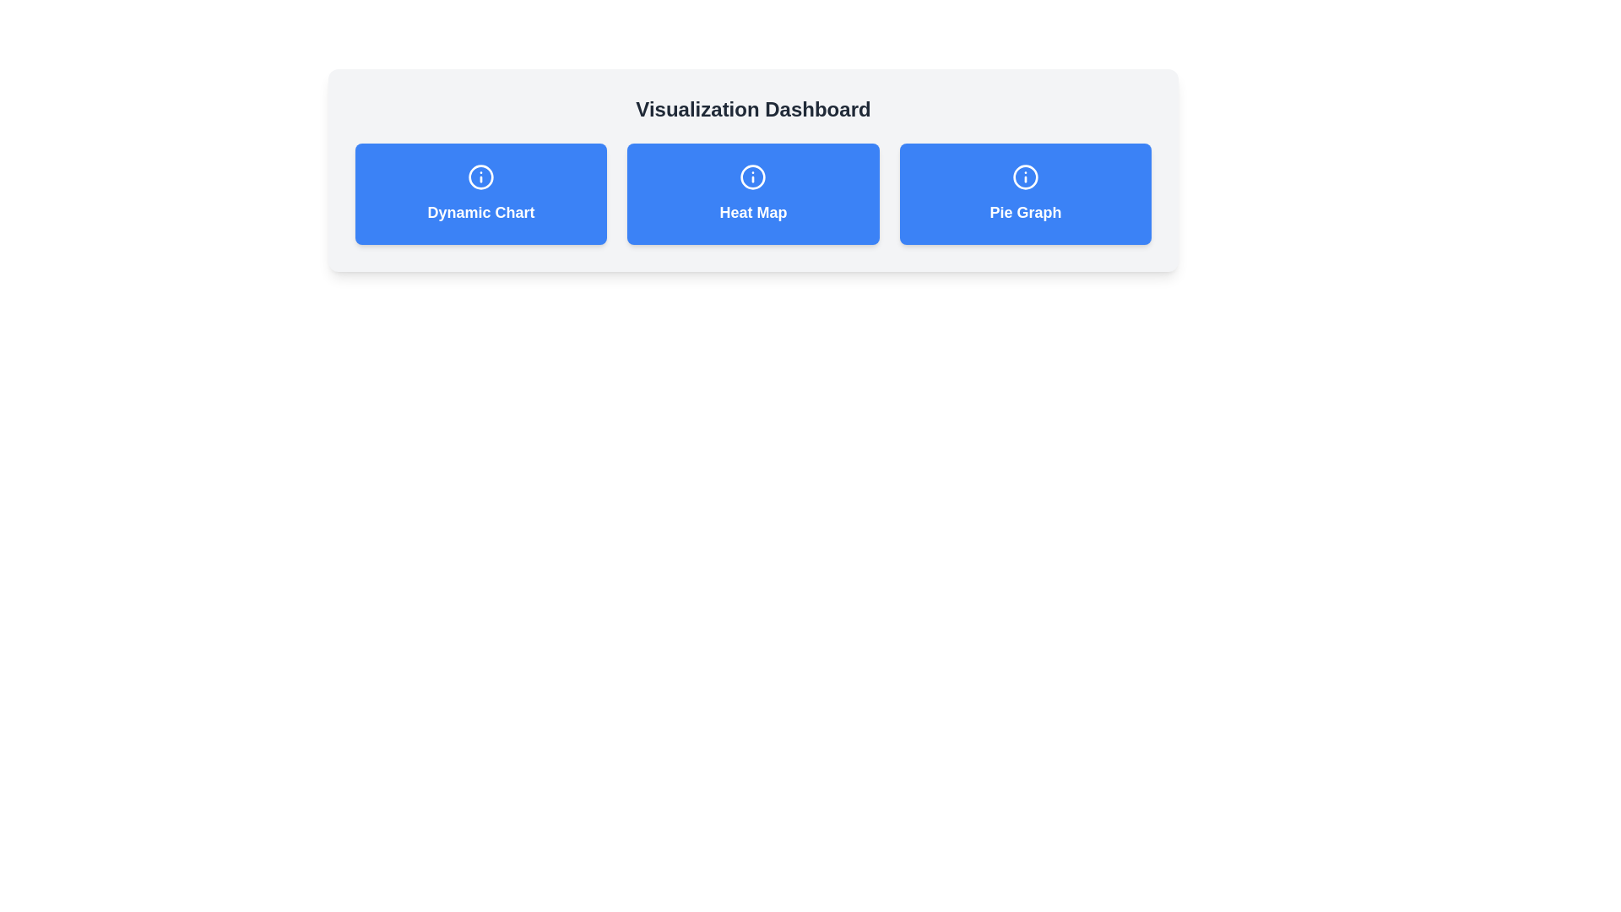  Describe the element at coordinates (1024, 211) in the screenshot. I see `the text label displaying 'Pie Graph', which is styled with a bold font and centered alignment, located inside a blue rounded rectangle` at that location.